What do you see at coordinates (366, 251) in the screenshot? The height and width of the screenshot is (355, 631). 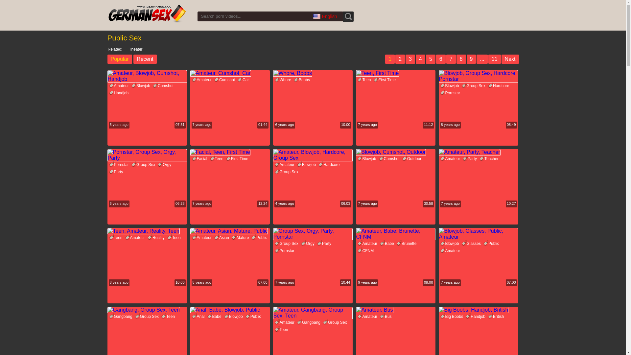 I see `'CFNM'` at bounding box center [366, 251].